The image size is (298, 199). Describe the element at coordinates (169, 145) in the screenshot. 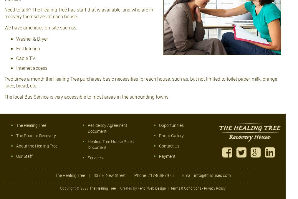

I see `'Contact Us'` at that location.